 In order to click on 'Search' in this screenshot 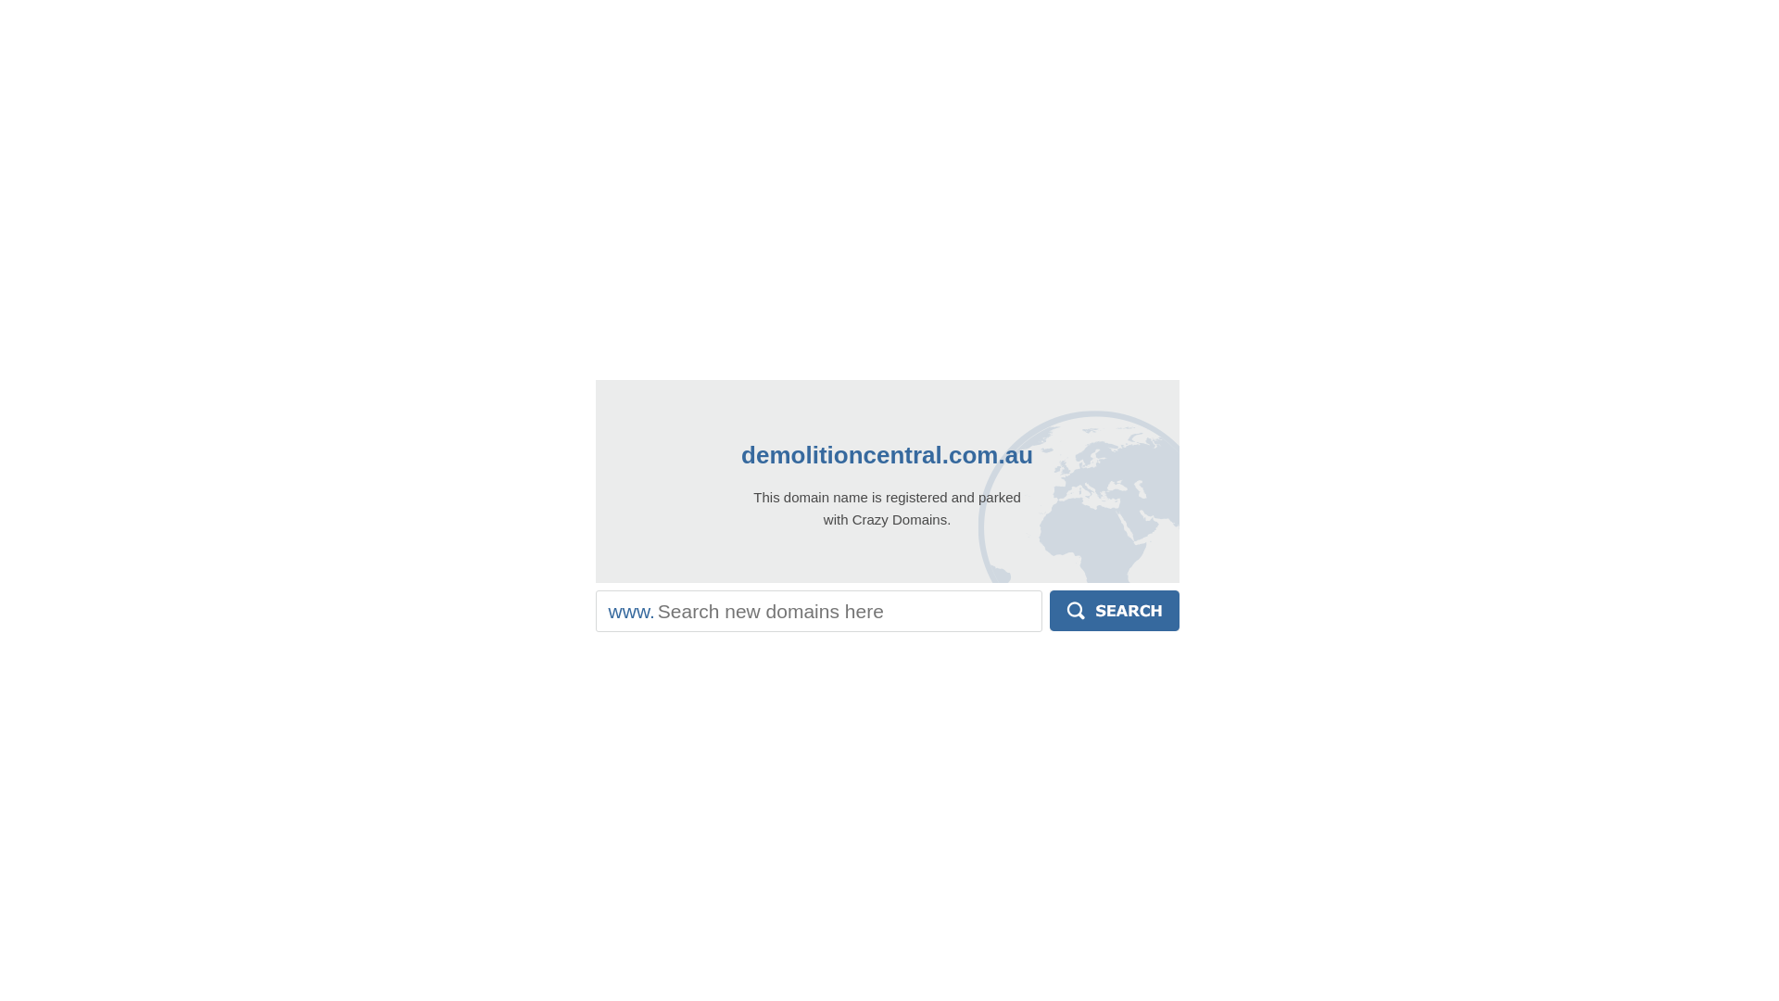, I will do `click(1114, 611)`.